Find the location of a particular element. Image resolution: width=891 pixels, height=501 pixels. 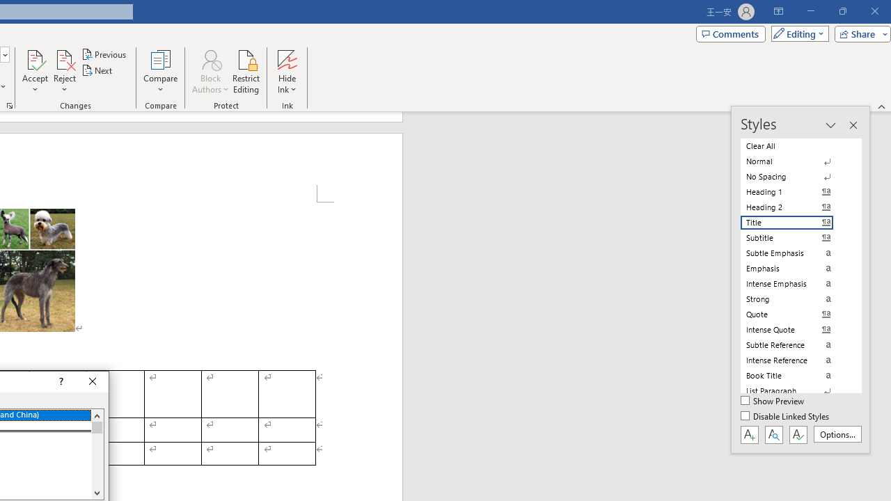

'Next' is located at coordinates (97, 70).